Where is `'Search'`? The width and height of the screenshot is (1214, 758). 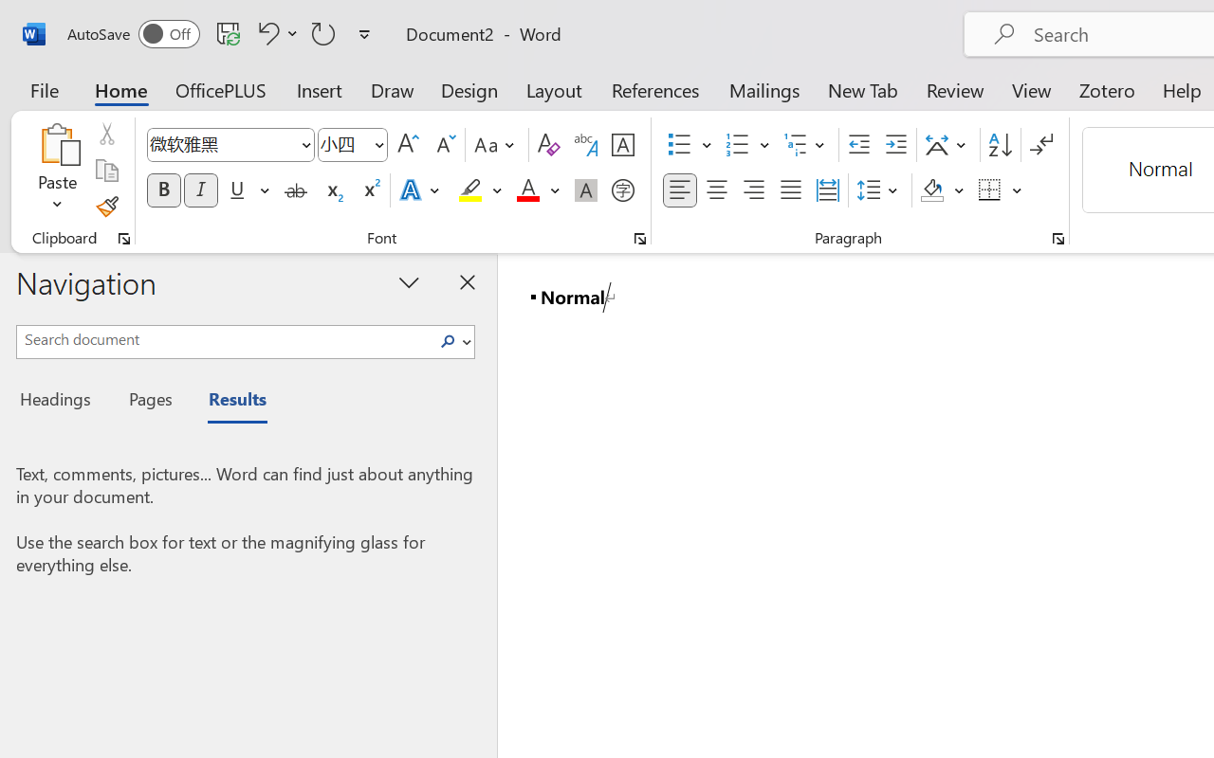
'Search' is located at coordinates (452, 341).